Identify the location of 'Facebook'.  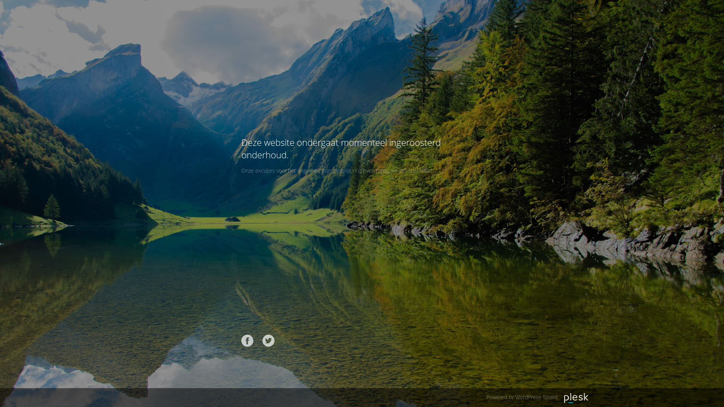
(247, 340).